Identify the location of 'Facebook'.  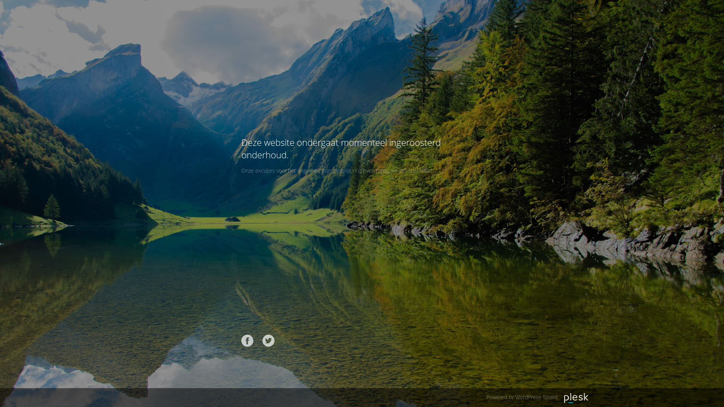
(247, 340).